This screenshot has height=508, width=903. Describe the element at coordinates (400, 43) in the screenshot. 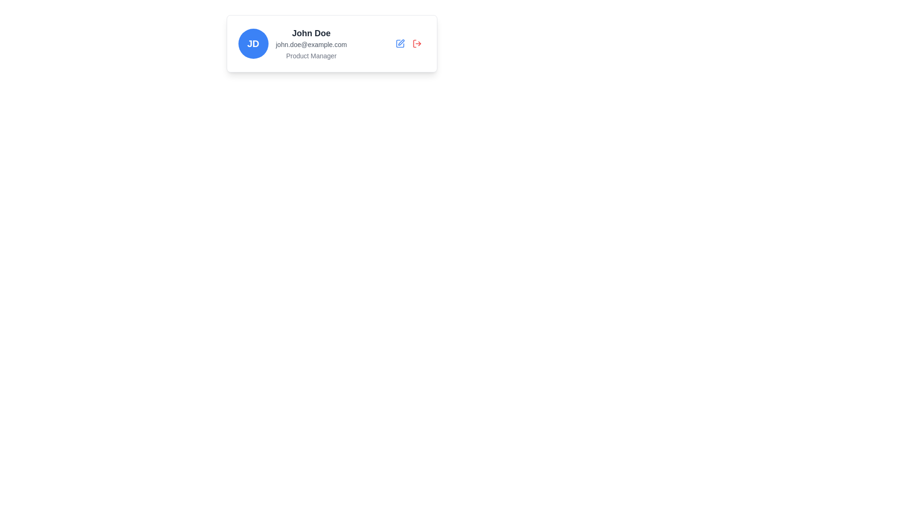

I see `the edit profile button located in the upper-right section of the user information card` at that location.